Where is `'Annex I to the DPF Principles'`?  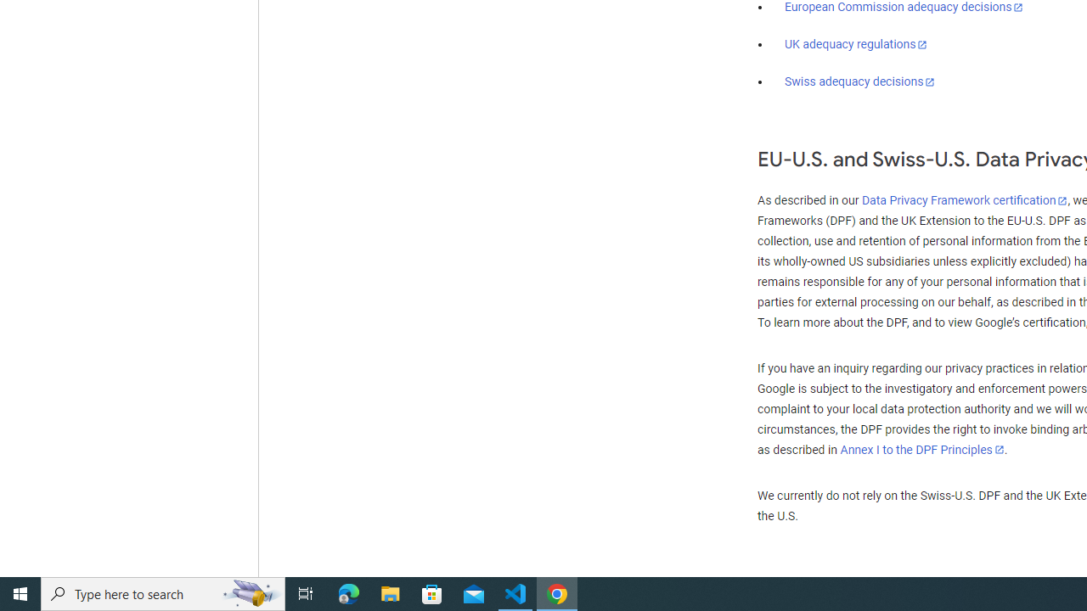
'Annex I to the DPF Principles' is located at coordinates (921, 449).